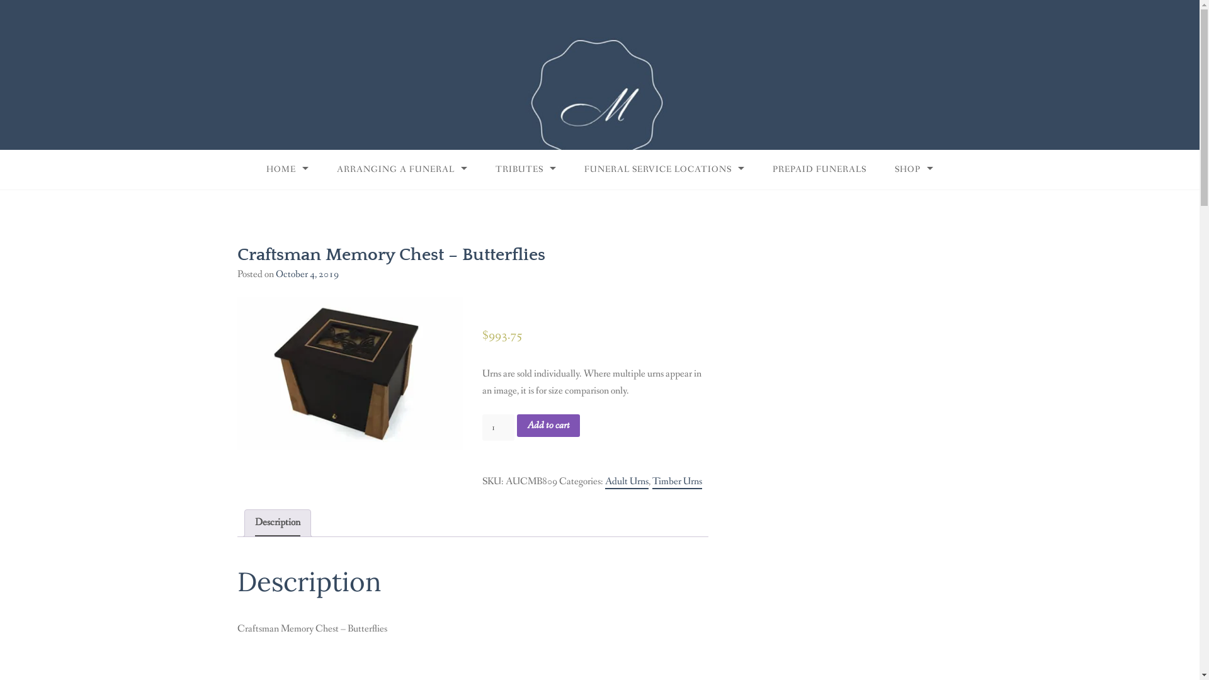 The image size is (1209, 680). What do you see at coordinates (349, 373) in the screenshot?
I see `'AUCMB809_Craftsman_Style_Chest_Butterflies'` at bounding box center [349, 373].